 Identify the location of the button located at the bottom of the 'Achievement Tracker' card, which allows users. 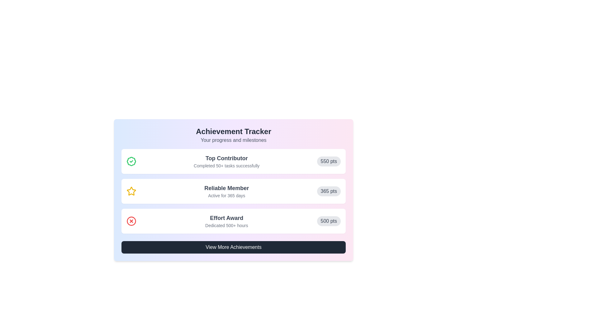
(233, 247).